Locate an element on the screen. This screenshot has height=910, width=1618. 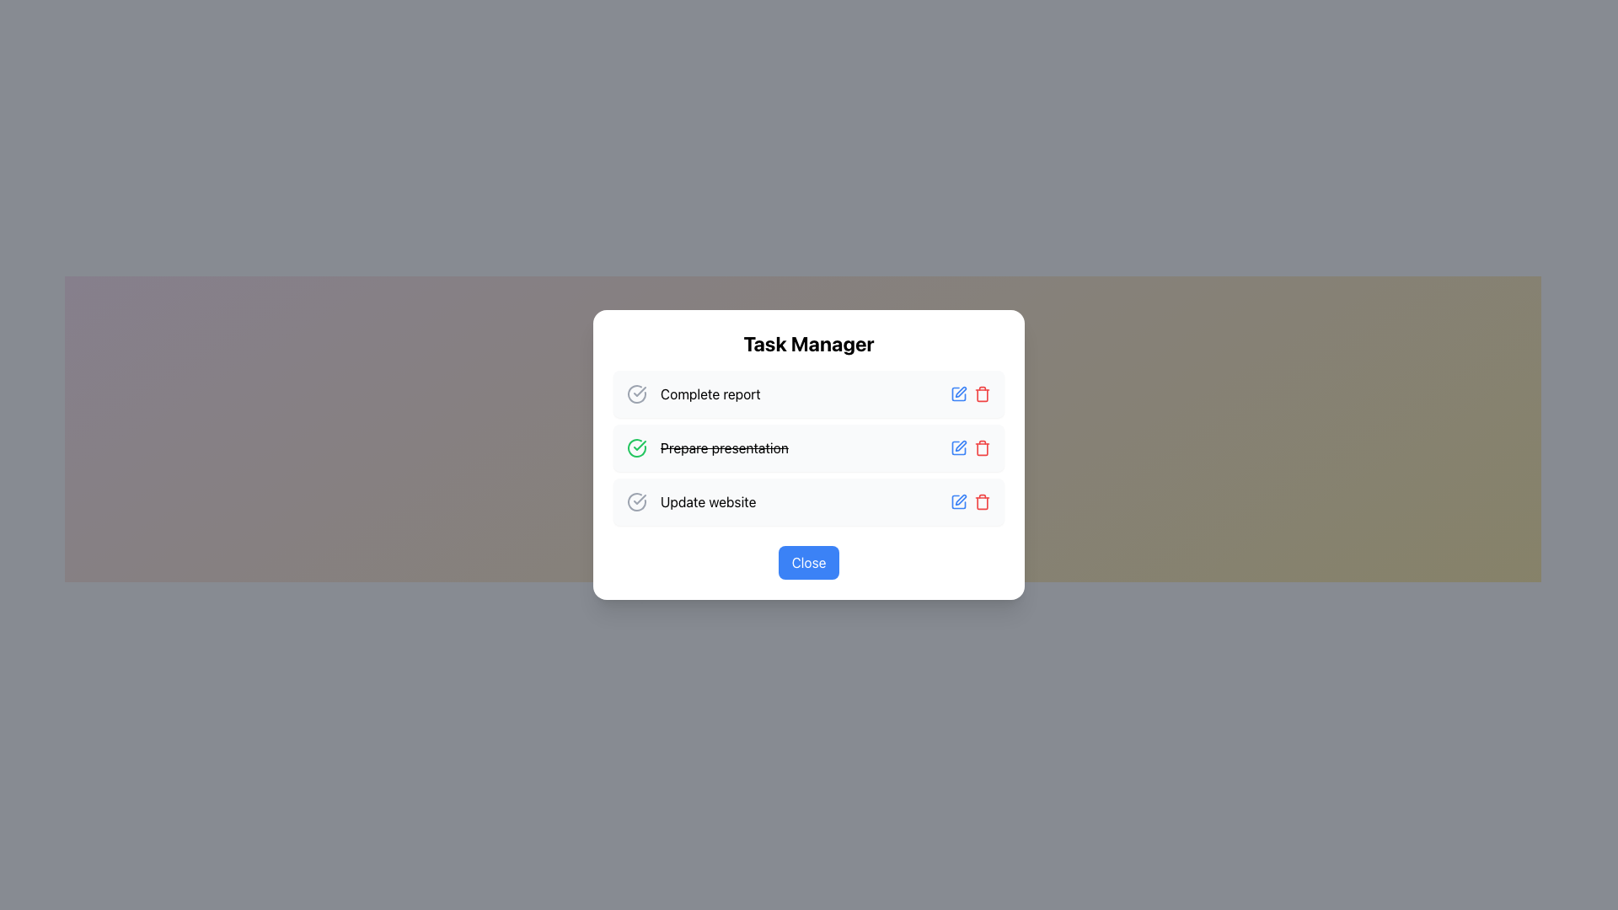
the trash can icon representing the delete action for the task 'Prepare presentation' in the task list is located at coordinates (983, 447).